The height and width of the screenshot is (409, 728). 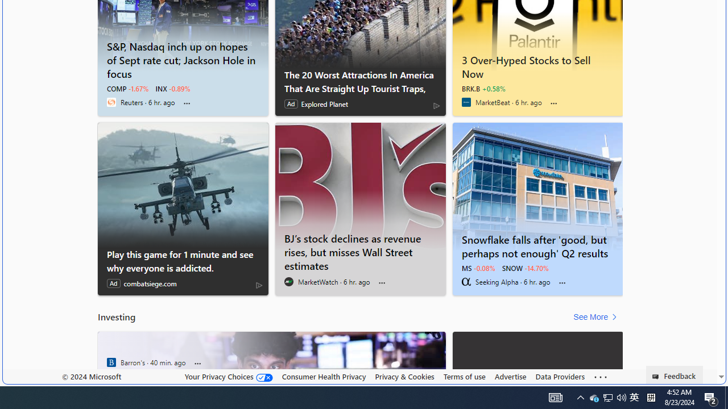 What do you see at coordinates (478, 268) in the screenshot?
I see `'MS -0.08%'` at bounding box center [478, 268].